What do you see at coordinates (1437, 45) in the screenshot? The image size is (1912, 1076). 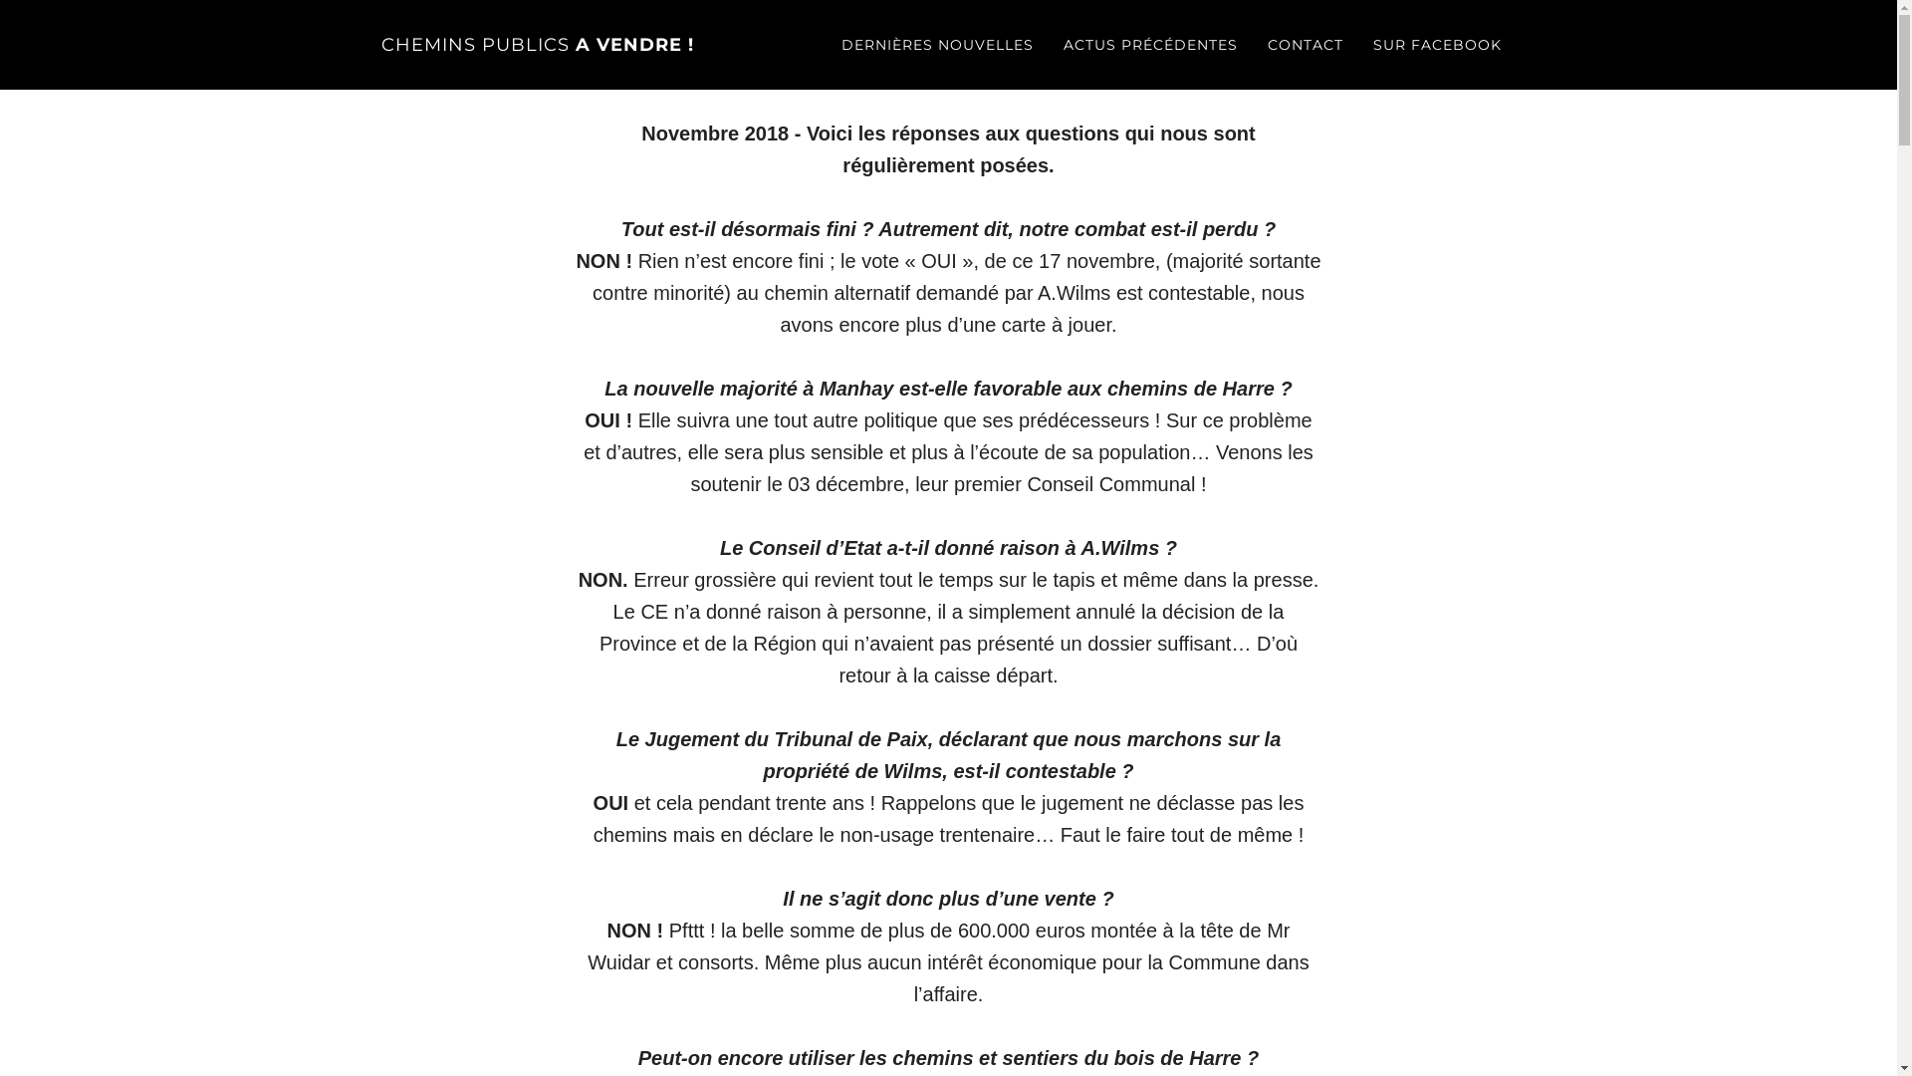 I see `'SUR FACEBOOK'` at bounding box center [1437, 45].